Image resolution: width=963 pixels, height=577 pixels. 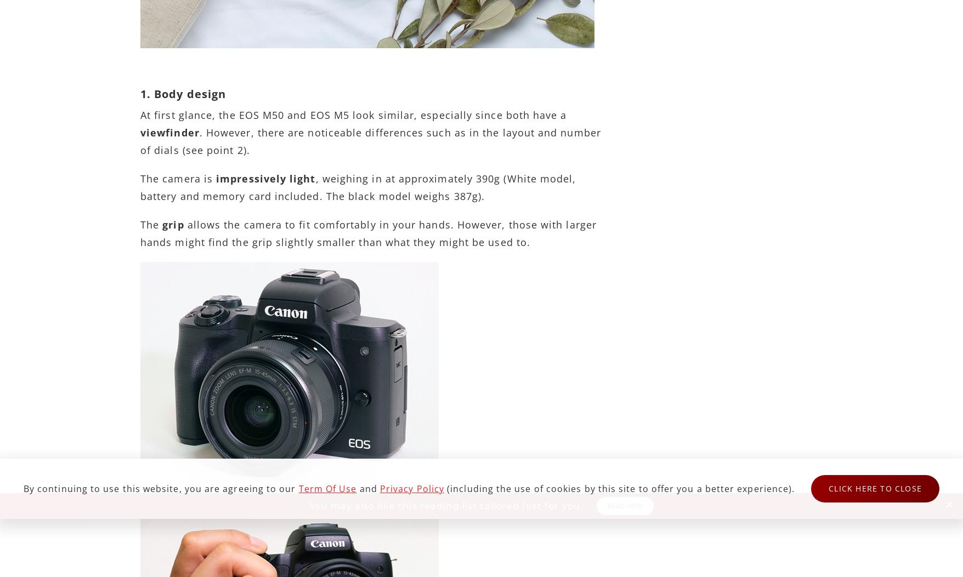 I want to click on 'By continuing to use this website, you are agreeing to our', so click(x=161, y=488).